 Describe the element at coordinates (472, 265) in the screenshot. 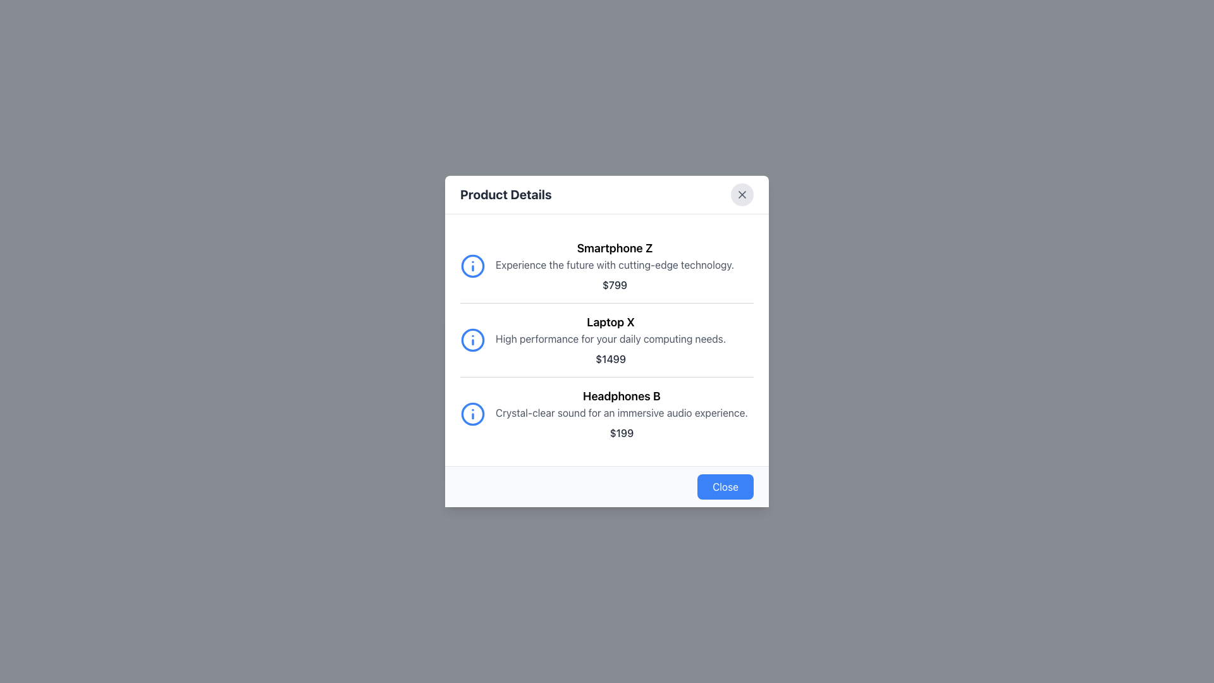

I see `the blue outlined circular component at the center of the icon to the left of the 'Smartphone Z' product description, which indicates additional product details` at that location.